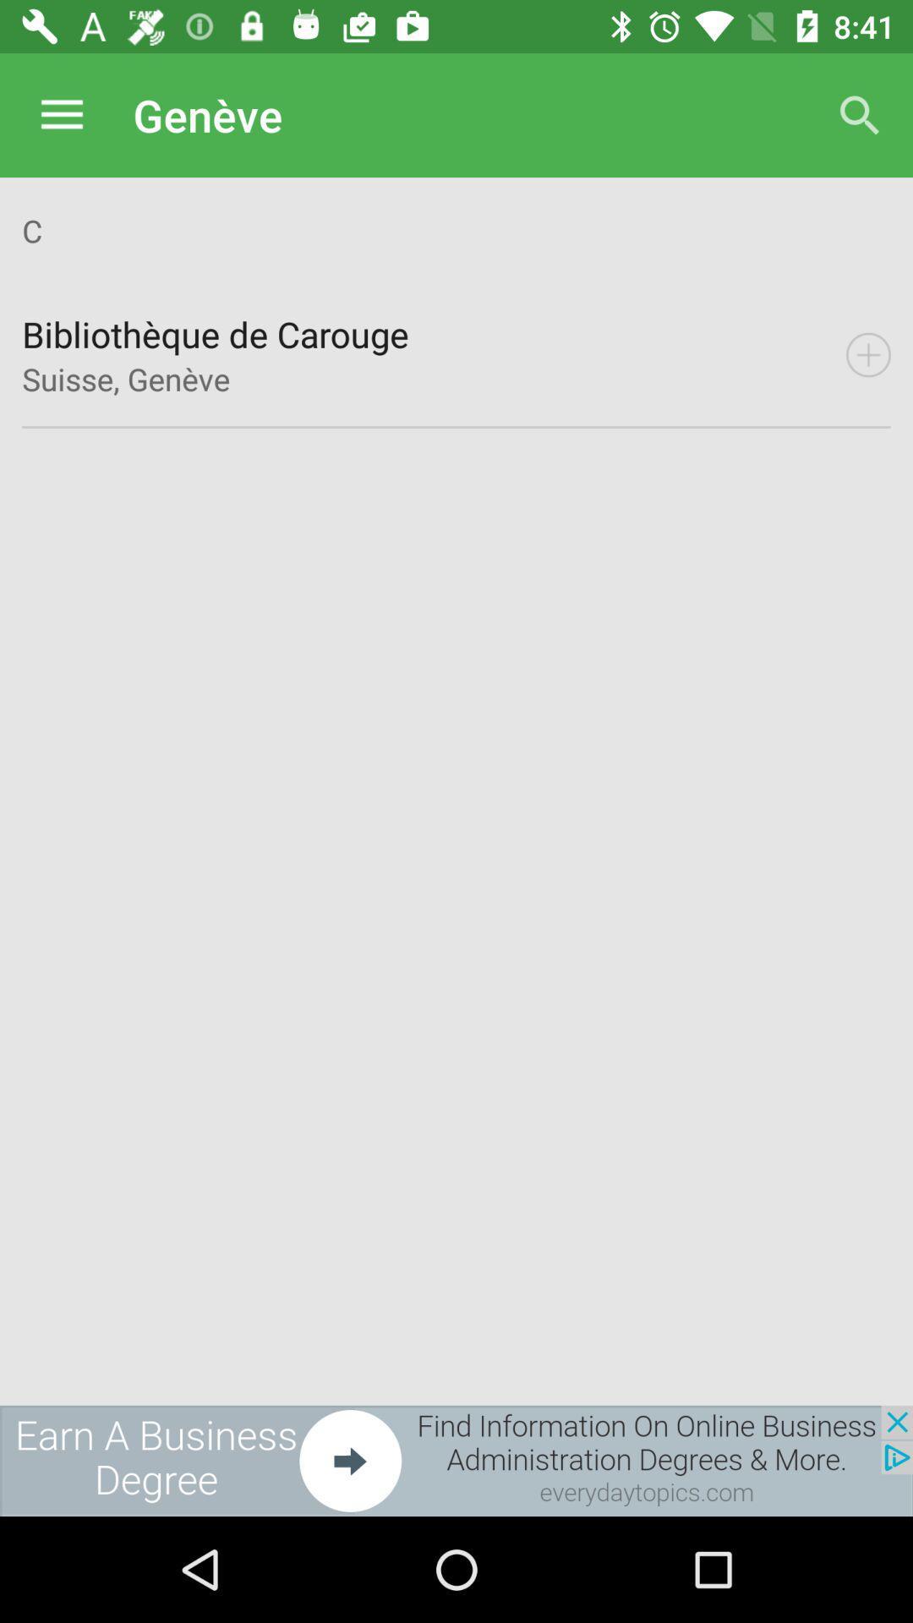 The image size is (913, 1623). Describe the element at coordinates (868, 354) in the screenshot. I see `added` at that location.